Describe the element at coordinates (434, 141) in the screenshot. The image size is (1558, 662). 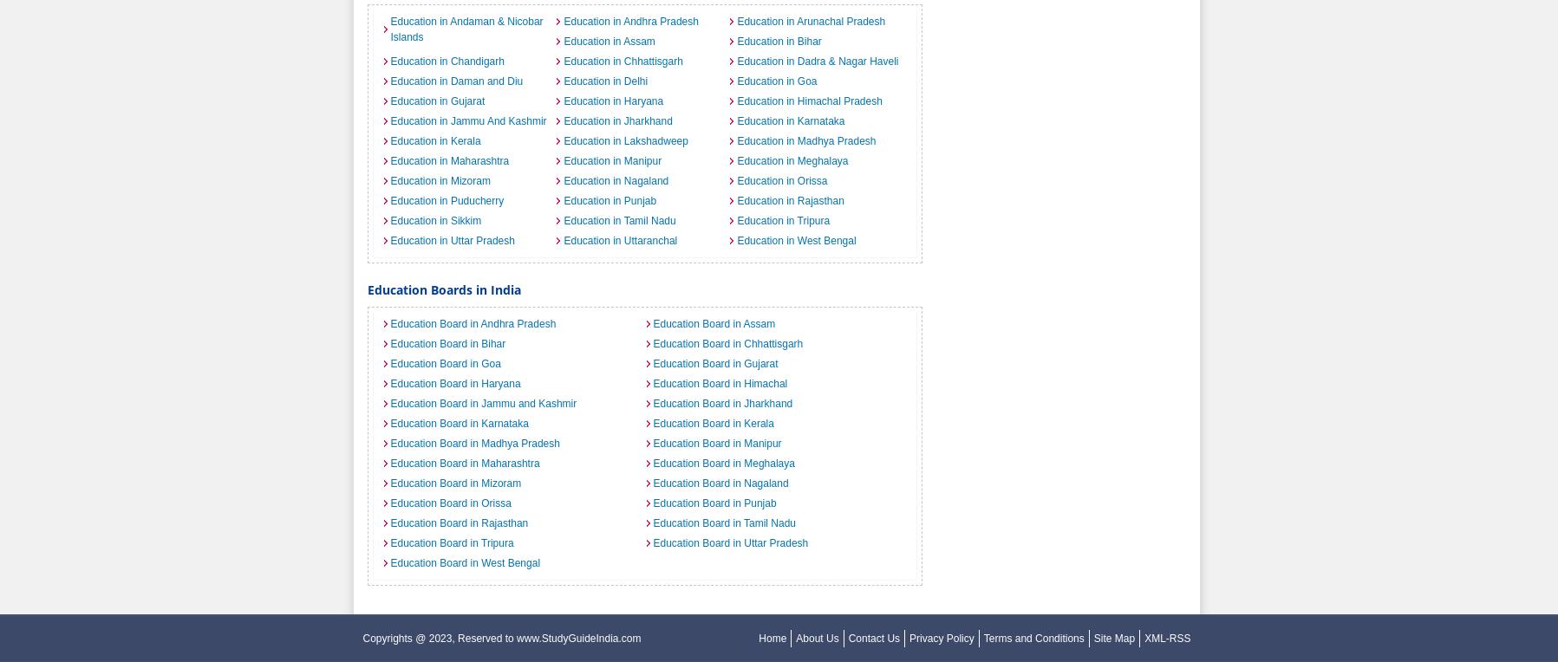
I see `'Education in Kerala'` at that location.